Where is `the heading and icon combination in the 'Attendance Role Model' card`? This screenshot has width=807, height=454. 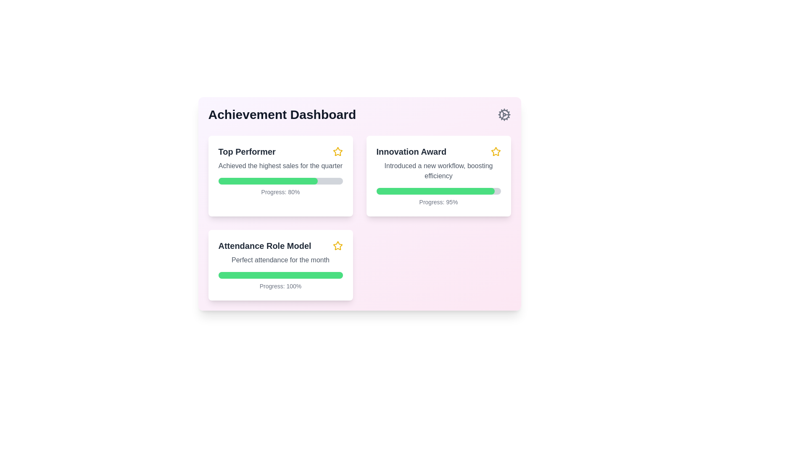
the heading and icon combination in the 'Attendance Role Model' card is located at coordinates (280, 246).